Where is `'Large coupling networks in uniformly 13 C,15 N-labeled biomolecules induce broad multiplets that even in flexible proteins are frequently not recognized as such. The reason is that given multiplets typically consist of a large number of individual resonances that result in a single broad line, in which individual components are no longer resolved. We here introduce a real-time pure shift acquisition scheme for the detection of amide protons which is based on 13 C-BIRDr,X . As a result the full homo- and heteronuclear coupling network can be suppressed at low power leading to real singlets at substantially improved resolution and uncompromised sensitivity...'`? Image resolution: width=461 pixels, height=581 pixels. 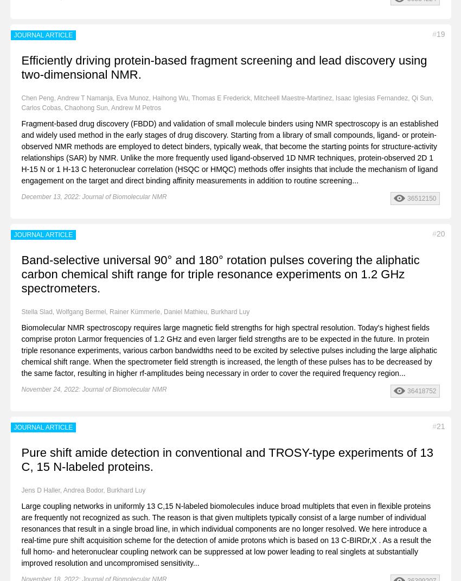
'Large coupling networks in uniformly 13 C,15 N-labeled biomolecules induce broad multiplets that even in flexible proteins are frequently not recognized as such. The reason is that given multiplets typically consist of a large number of individual resonances that result in a single broad line, in which individual components are no longer resolved. We here introduce a real-time pure shift acquisition scheme for the detection of amide protons which is based on 13 C-BIRDr,X . As a result the full homo- and heteronuclear coupling network can be suppressed at low power leading to real singlets at substantially improved resolution and uncompromised sensitivity...' is located at coordinates (226, 533).